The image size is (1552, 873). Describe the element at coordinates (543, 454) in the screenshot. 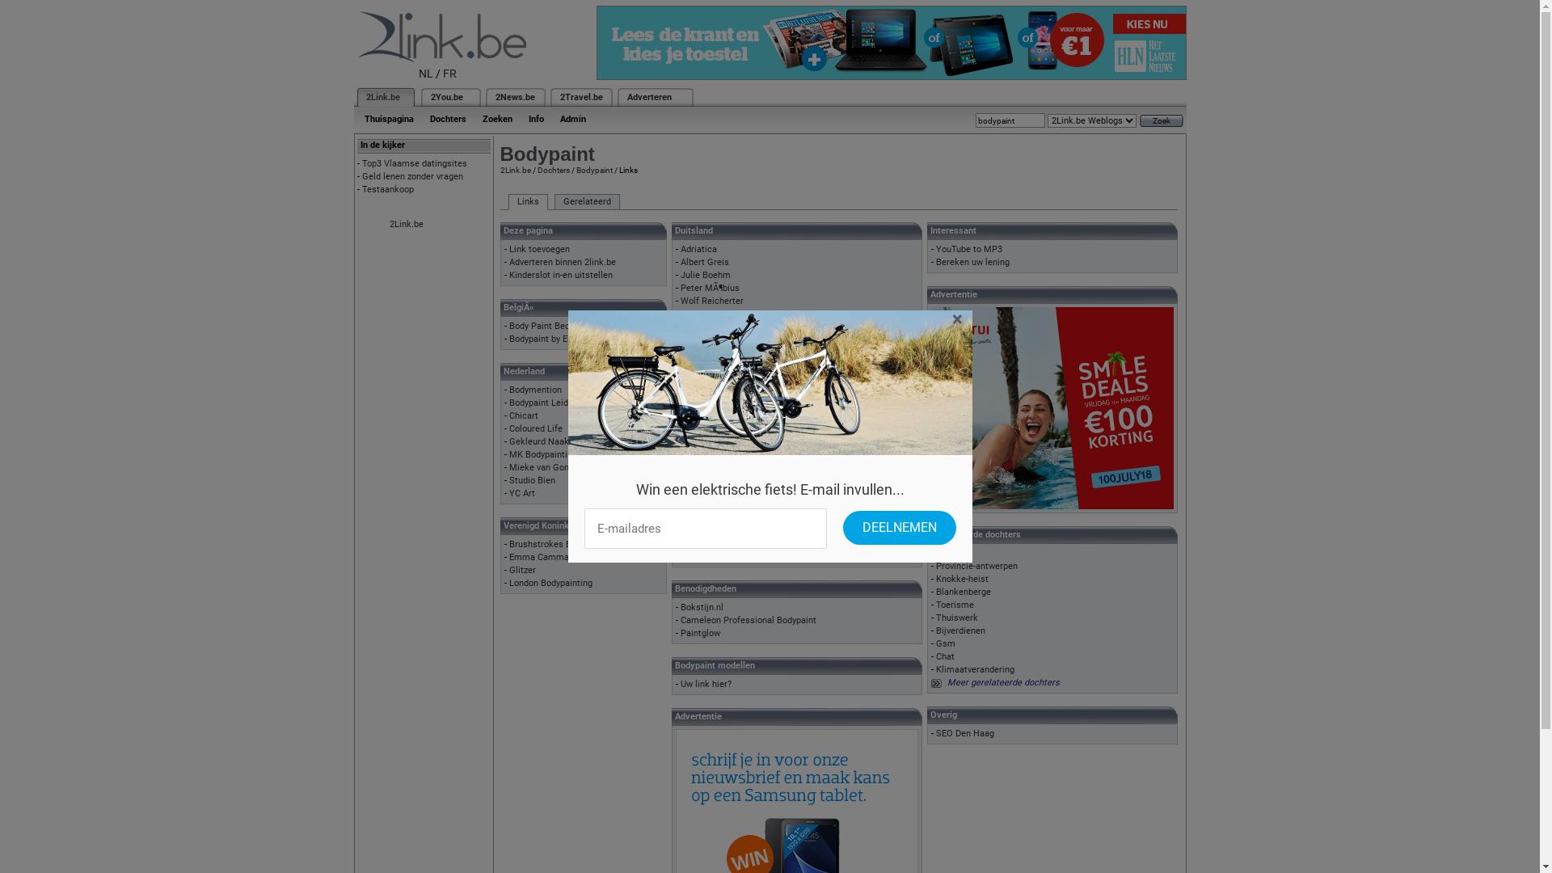

I see `'MK Bodypainting'` at that location.